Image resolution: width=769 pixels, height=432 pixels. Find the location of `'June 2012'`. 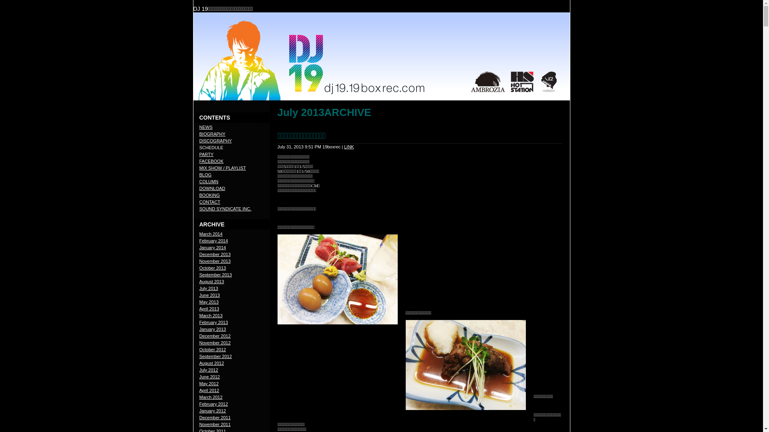

'June 2012' is located at coordinates (209, 376).